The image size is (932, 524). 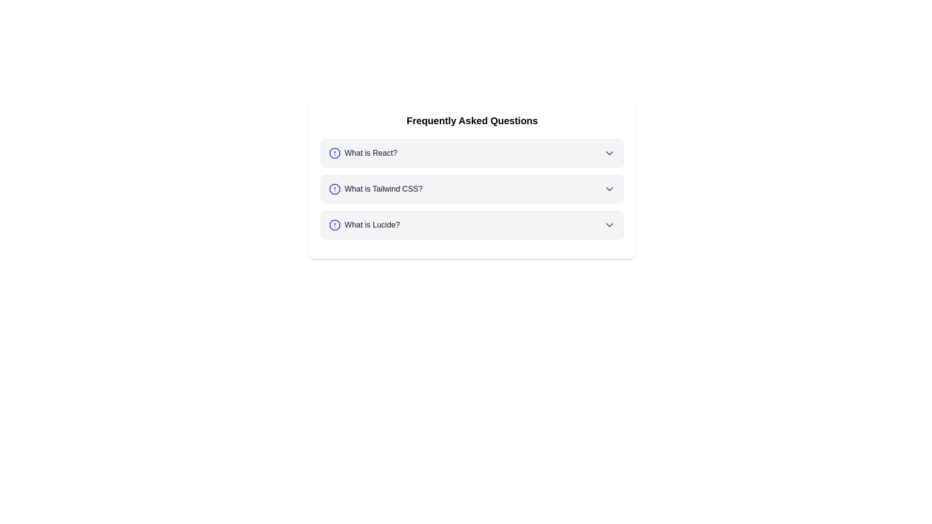 What do you see at coordinates (472, 225) in the screenshot?
I see `the third item in the FAQ list, specifically the question 'What is Lucide?' by clicking it to read the content` at bounding box center [472, 225].